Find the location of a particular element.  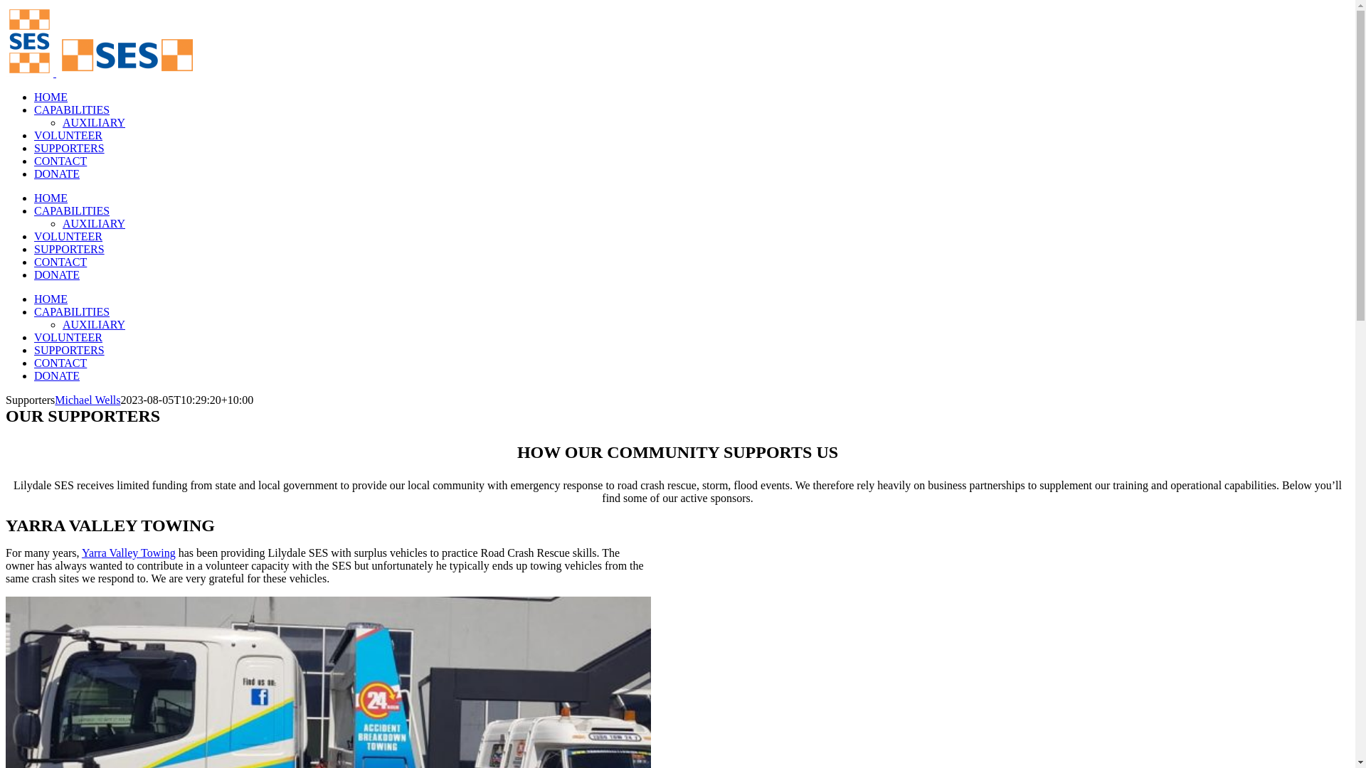

'Skip to content' is located at coordinates (5, 5).